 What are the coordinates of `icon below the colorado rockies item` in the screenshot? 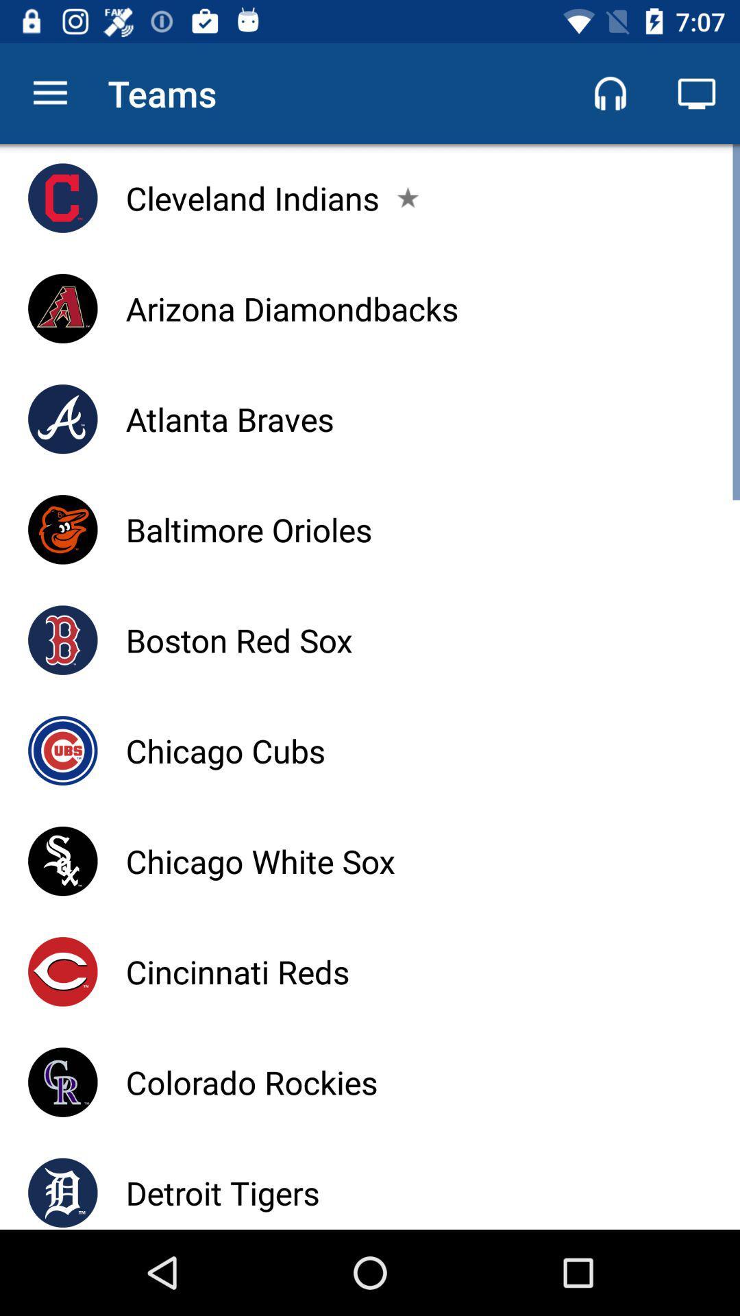 It's located at (222, 1192).